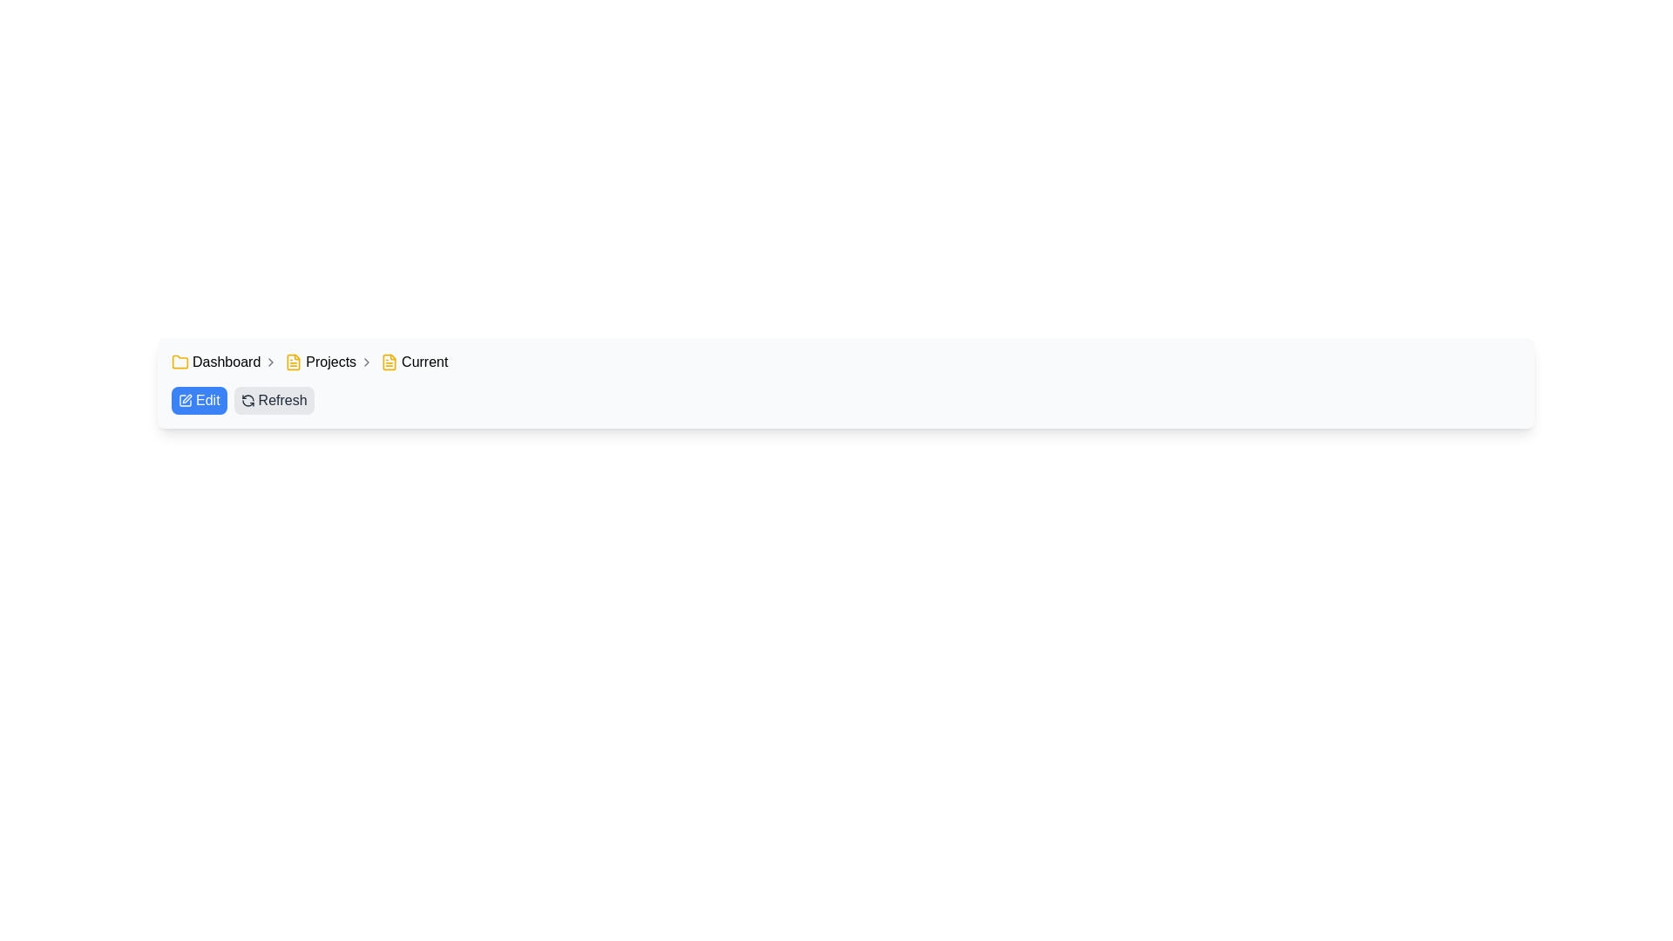 The height and width of the screenshot is (941, 1673). What do you see at coordinates (424, 362) in the screenshot?
I see `the static text label displaying 'Current' in the breadcrumb navigation bar, located to the right of a file icon` at bounding box center [424, 362].